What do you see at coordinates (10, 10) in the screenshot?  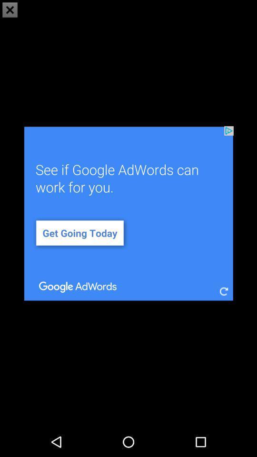 I see `the close icon` at bounding box center [10, 10].